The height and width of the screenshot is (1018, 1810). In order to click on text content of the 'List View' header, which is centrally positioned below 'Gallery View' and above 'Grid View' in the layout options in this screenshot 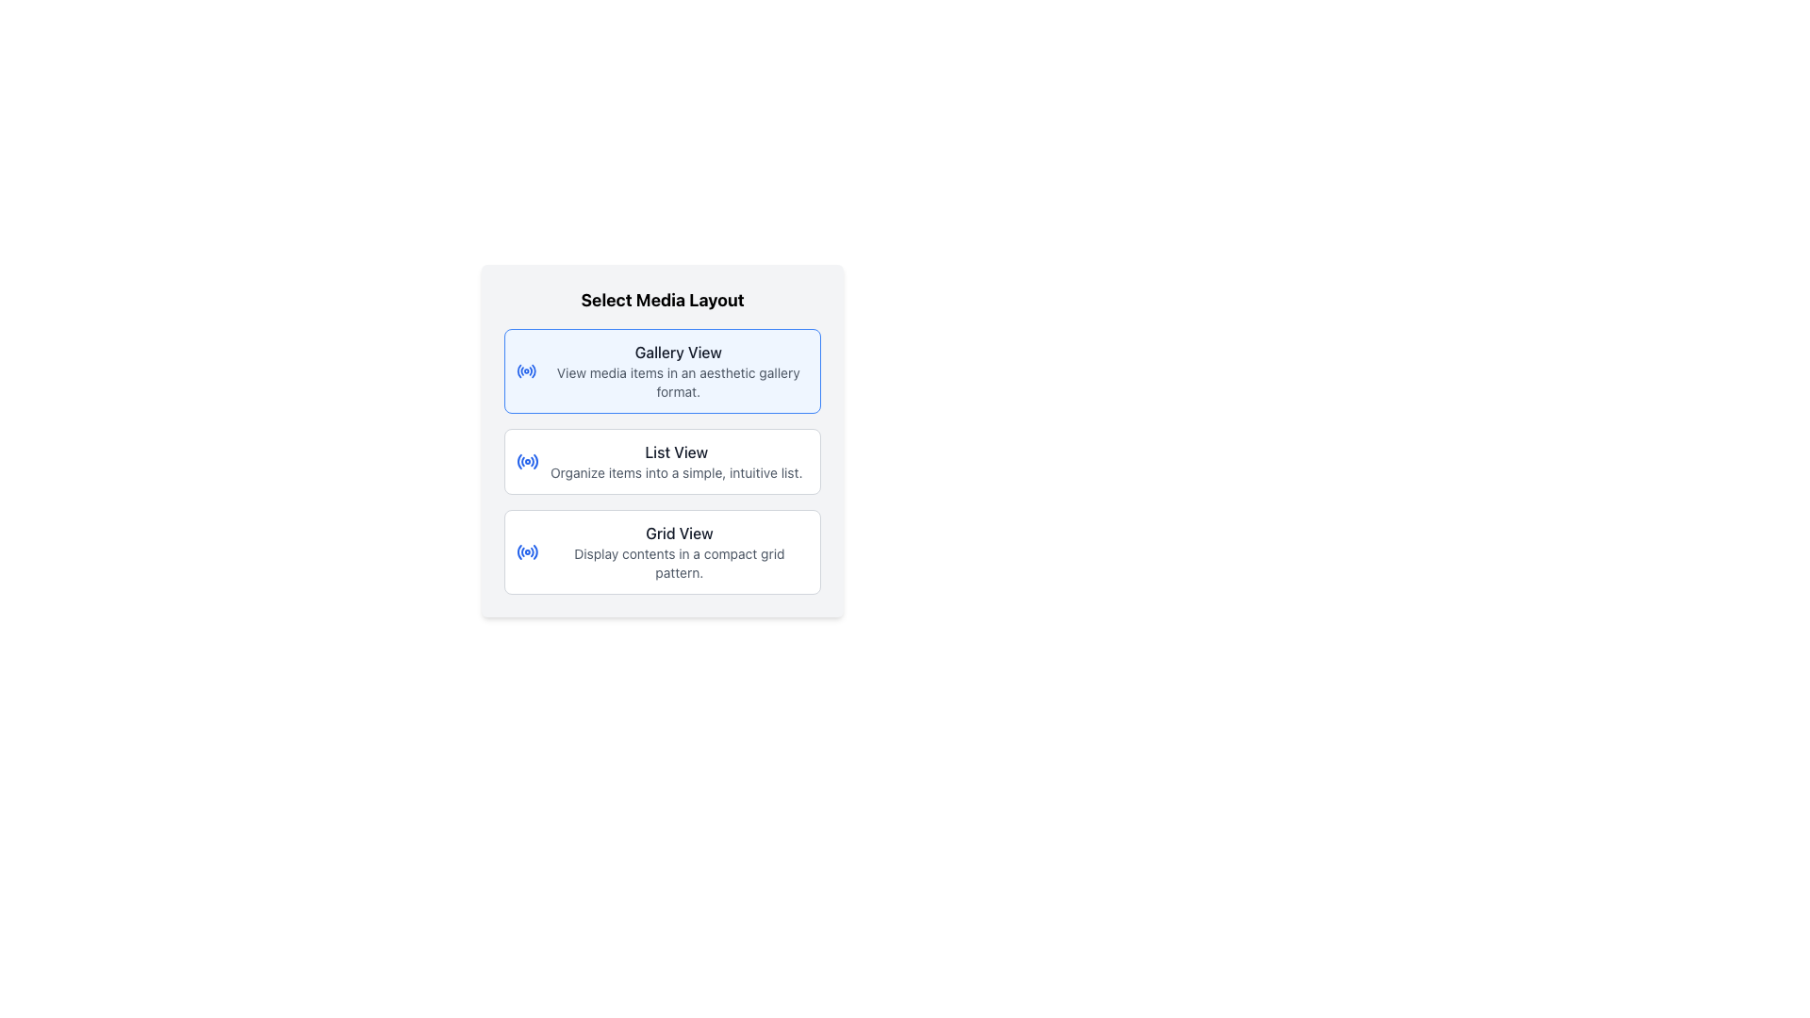, I will do `click(676, 452)`.